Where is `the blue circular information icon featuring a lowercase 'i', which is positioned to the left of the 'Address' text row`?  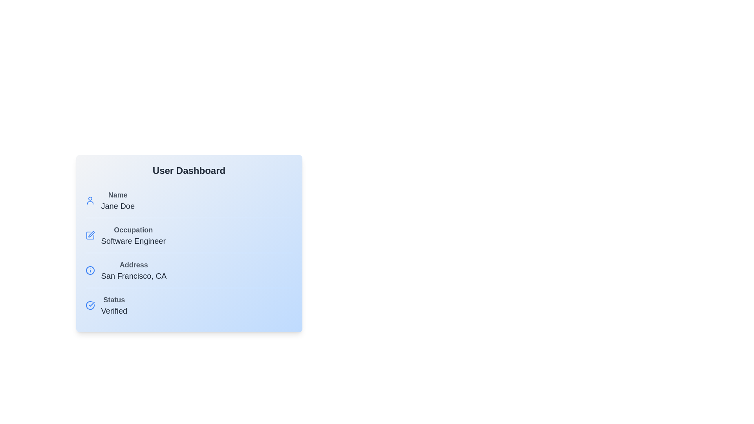
the blue circular information icon featuring a lowercase 'i', which is positioned to the left of the 'Address' text row is located at coordinates (90, 270).